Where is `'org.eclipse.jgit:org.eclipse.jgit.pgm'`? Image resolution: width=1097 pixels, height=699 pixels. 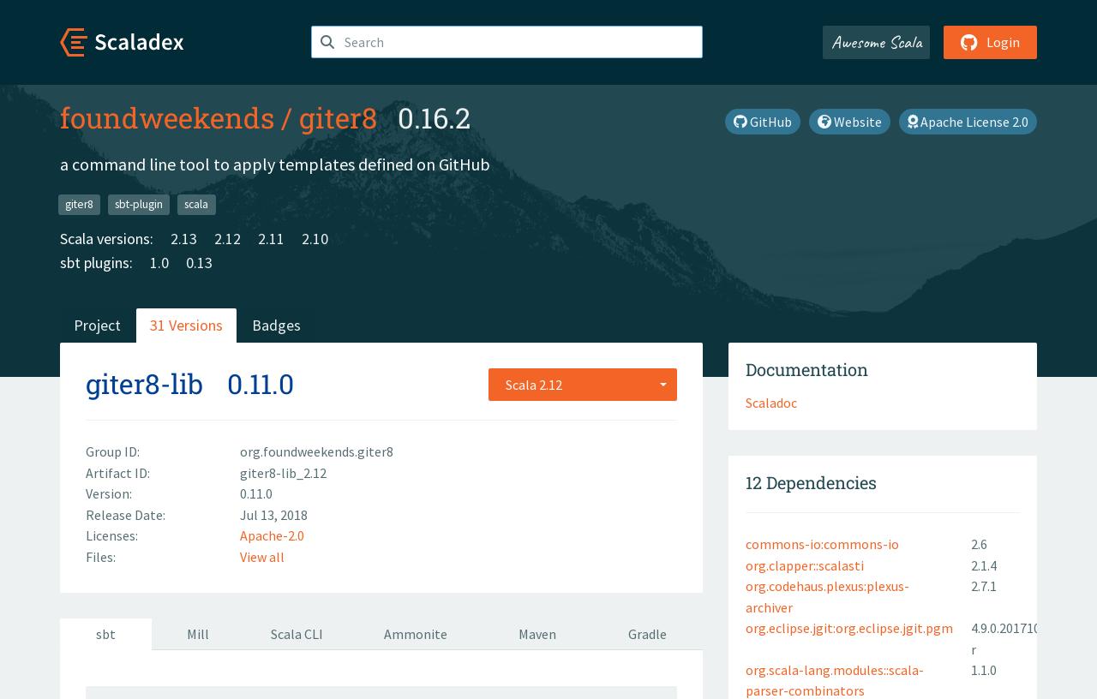 'org.eclipse.jgit:org.eclipse.jgit.pgm' is located at coordinates (848, 628).